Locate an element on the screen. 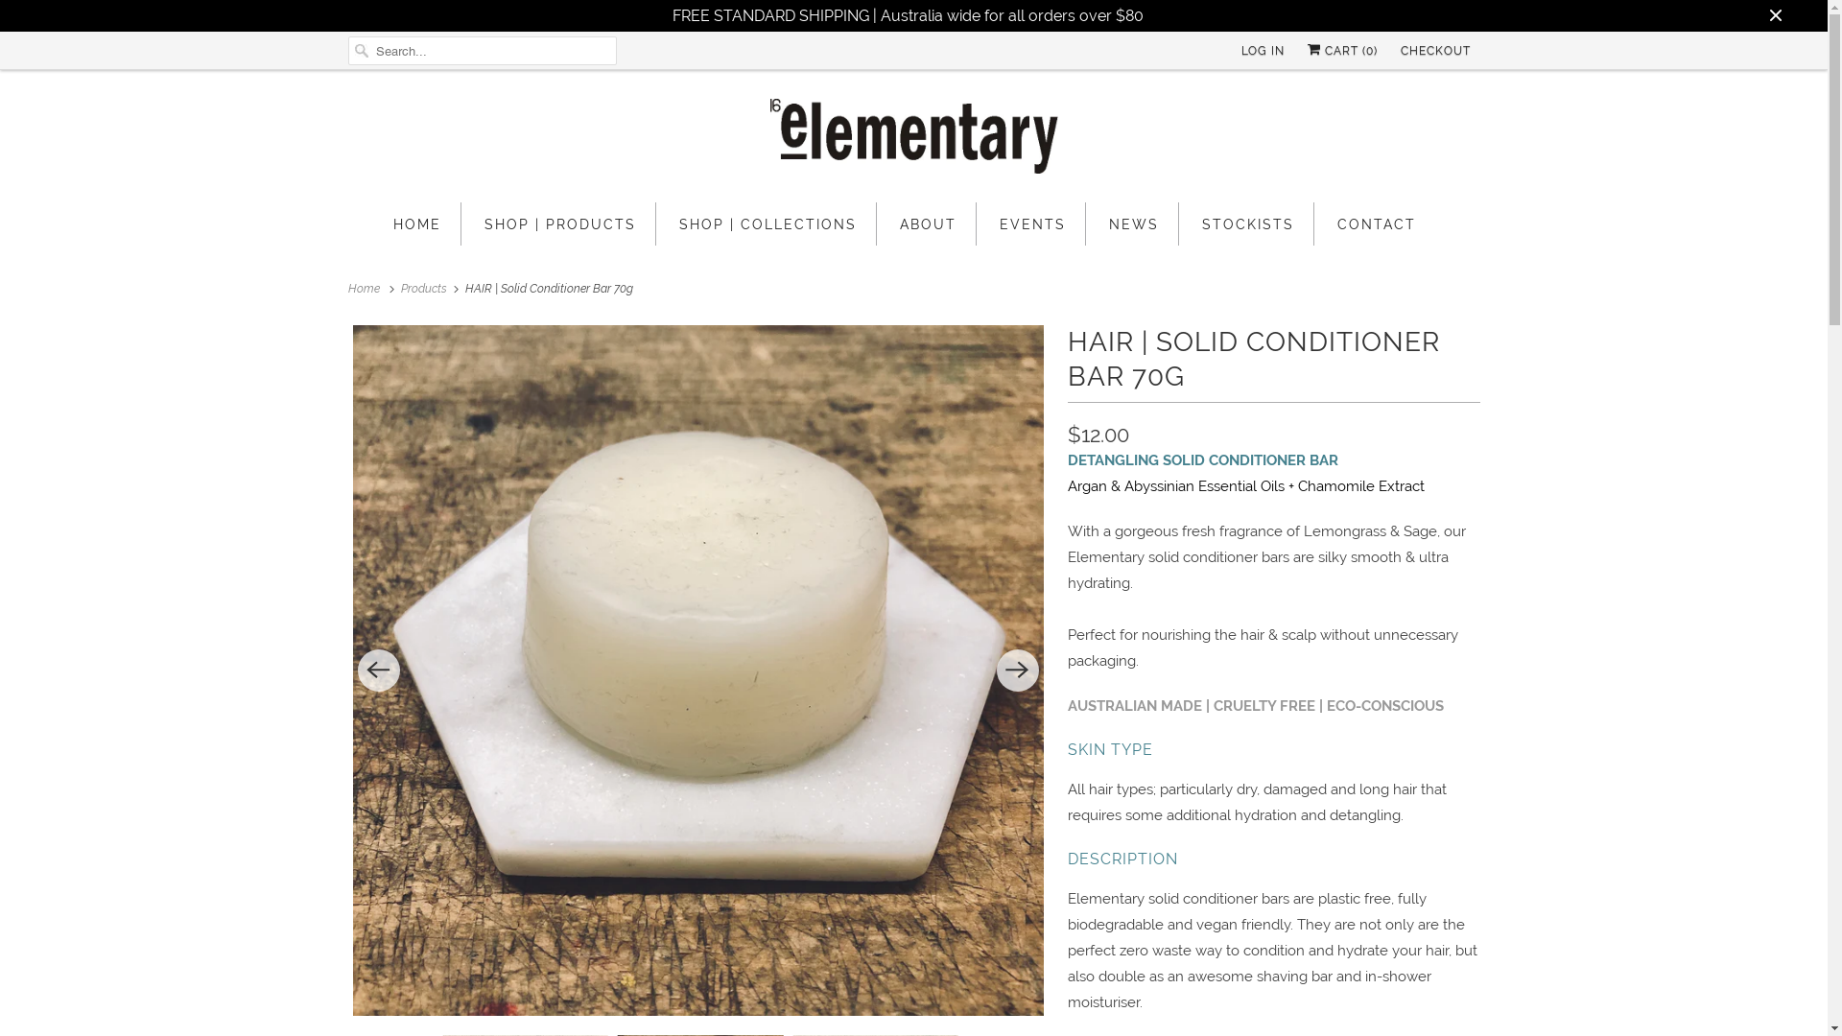 The height and width of the screenshot is (1036, 1842). 'STOCKISTS' is located at coordinates (1247, 223).